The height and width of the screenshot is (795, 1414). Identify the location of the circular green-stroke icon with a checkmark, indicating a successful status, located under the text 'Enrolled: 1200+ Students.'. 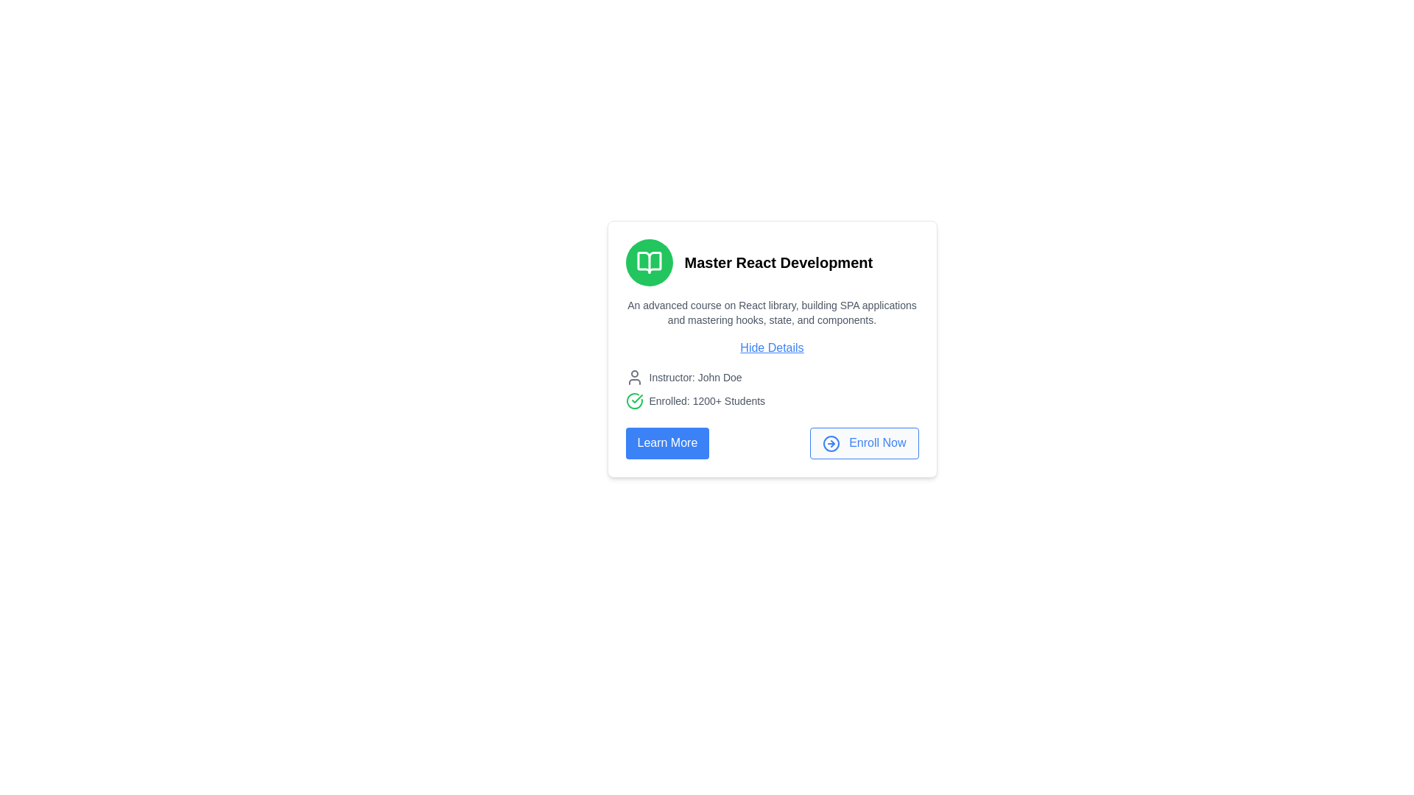
(634, 400).